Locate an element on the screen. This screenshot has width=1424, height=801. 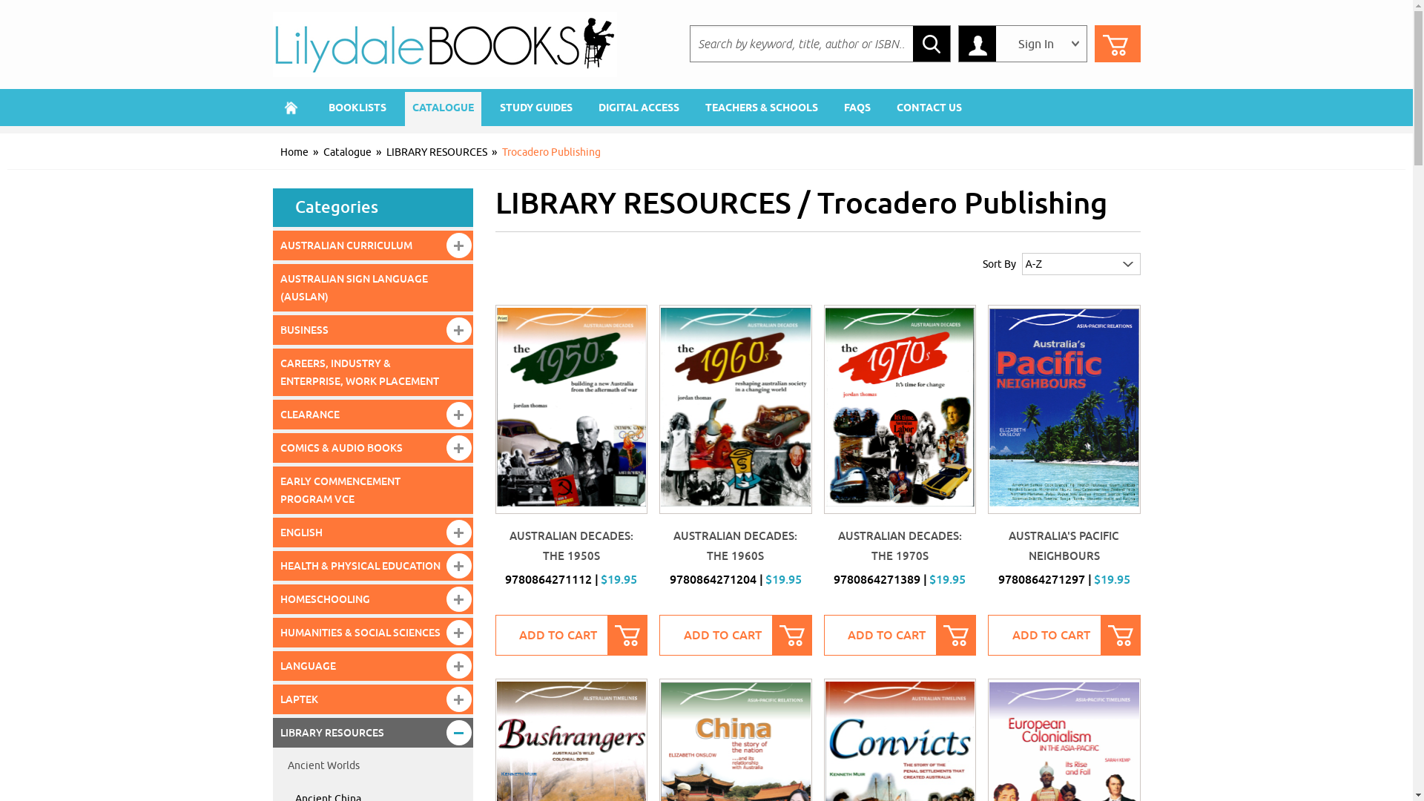
'CONTACT US' is located at coordinates (889, 107).